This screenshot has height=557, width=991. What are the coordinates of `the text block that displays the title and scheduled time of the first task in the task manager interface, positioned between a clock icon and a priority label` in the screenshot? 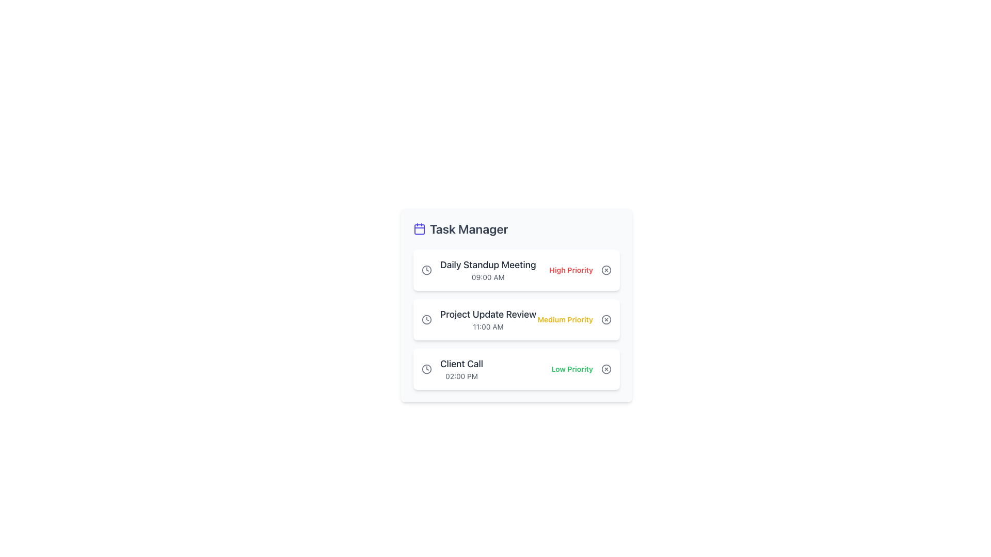 It's located at (487, 270).